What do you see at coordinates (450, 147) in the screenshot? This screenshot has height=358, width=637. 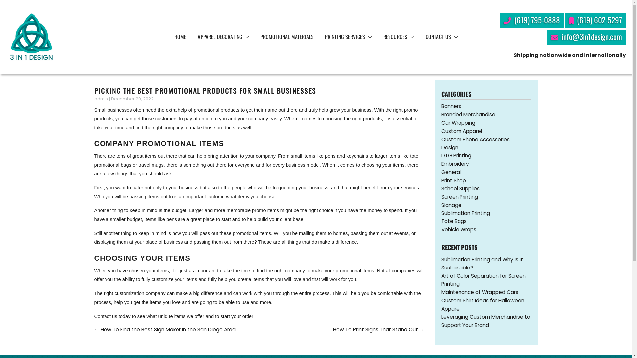 I see `'Design'` at bounding box center [450, 147].